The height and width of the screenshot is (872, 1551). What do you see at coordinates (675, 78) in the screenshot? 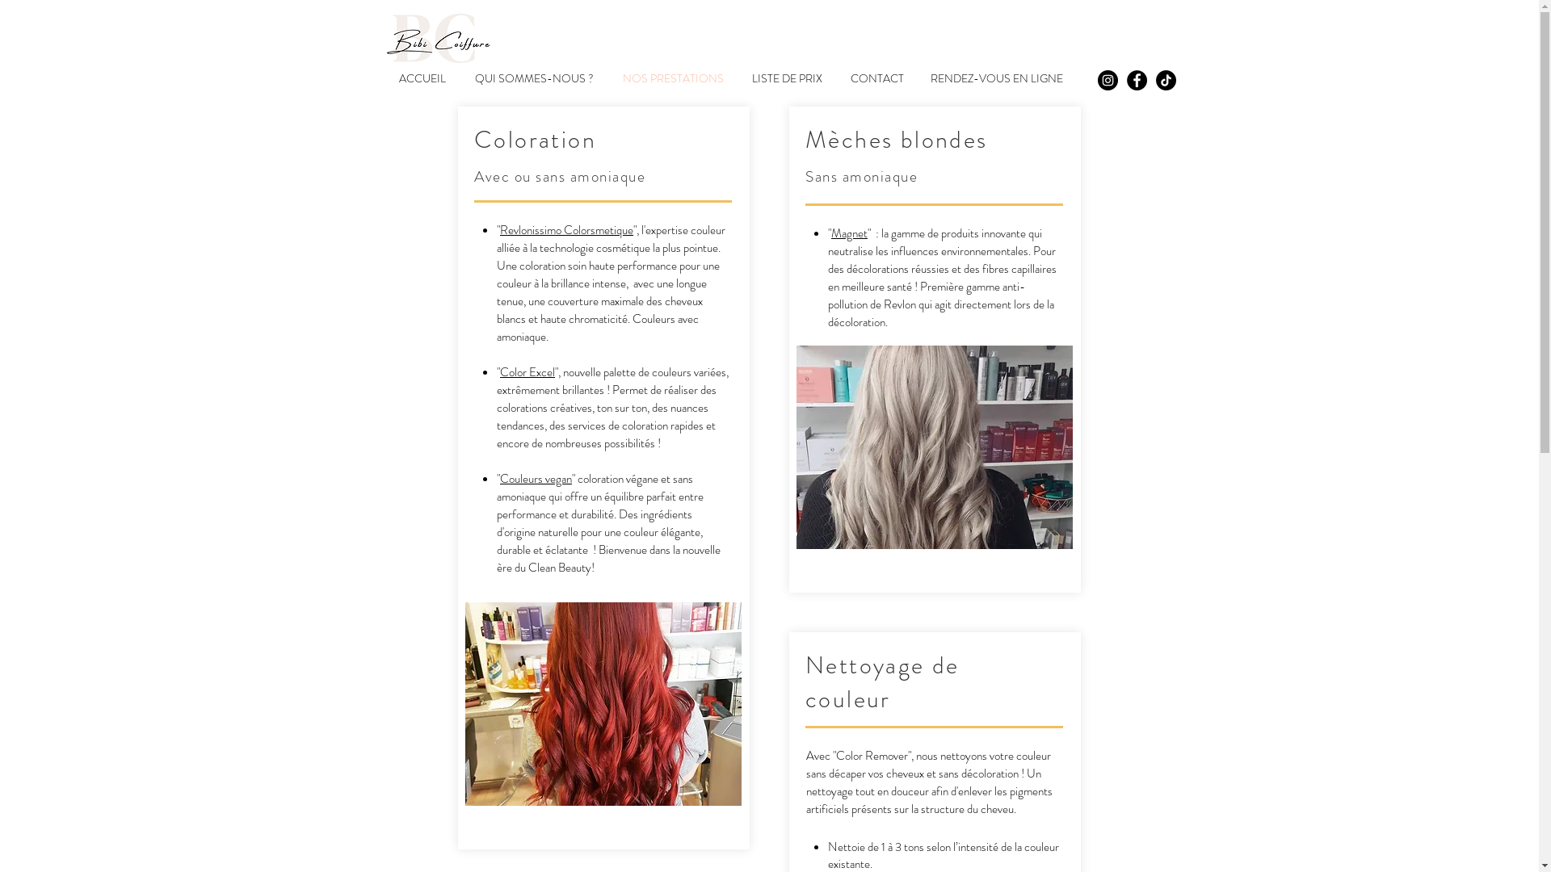
I see `'NOS PRESTATIONS'` at bounding box center [675, 78].